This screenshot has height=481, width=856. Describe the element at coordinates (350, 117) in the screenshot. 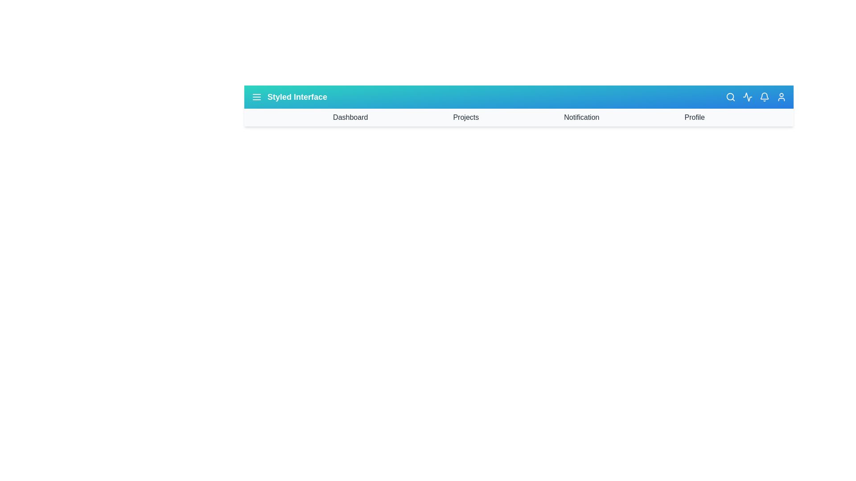

I see `the navigation item Dashboard` at that location.